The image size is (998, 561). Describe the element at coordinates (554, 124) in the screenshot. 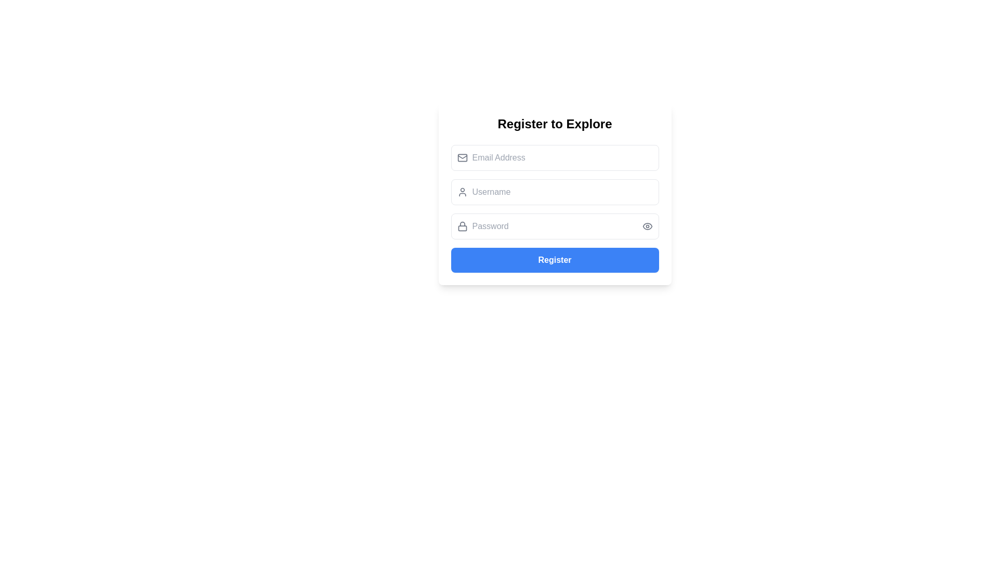

I see `the Heading text element at the top of the registration form, which provides context for the form below` at that location.